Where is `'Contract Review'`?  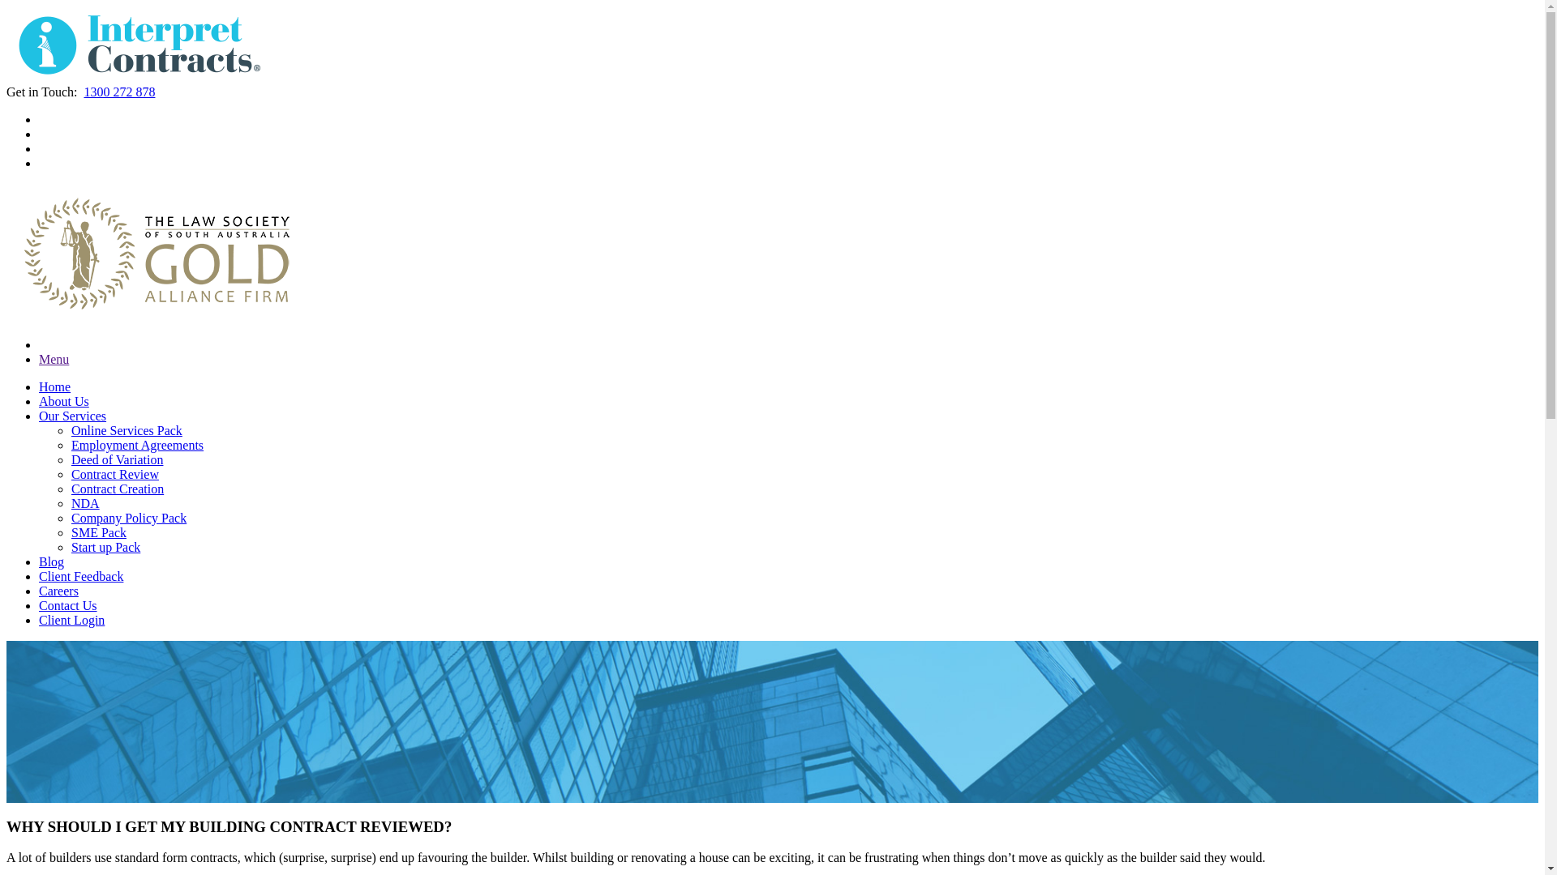 'Contract Review' is located at coordinates (114, 474).